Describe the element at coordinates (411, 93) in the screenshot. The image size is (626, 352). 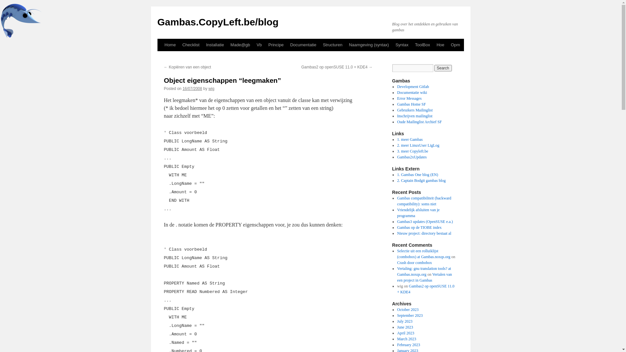
I see `'Documentatie wiki'` at that location.